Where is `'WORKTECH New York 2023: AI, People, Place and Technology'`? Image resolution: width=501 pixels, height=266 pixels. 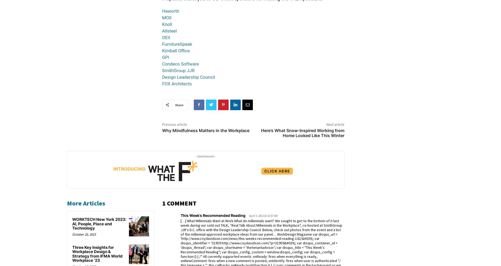 'WORKTECH New York 2023: AI, People, Place and Technology' is located at coordinates (72, 223).